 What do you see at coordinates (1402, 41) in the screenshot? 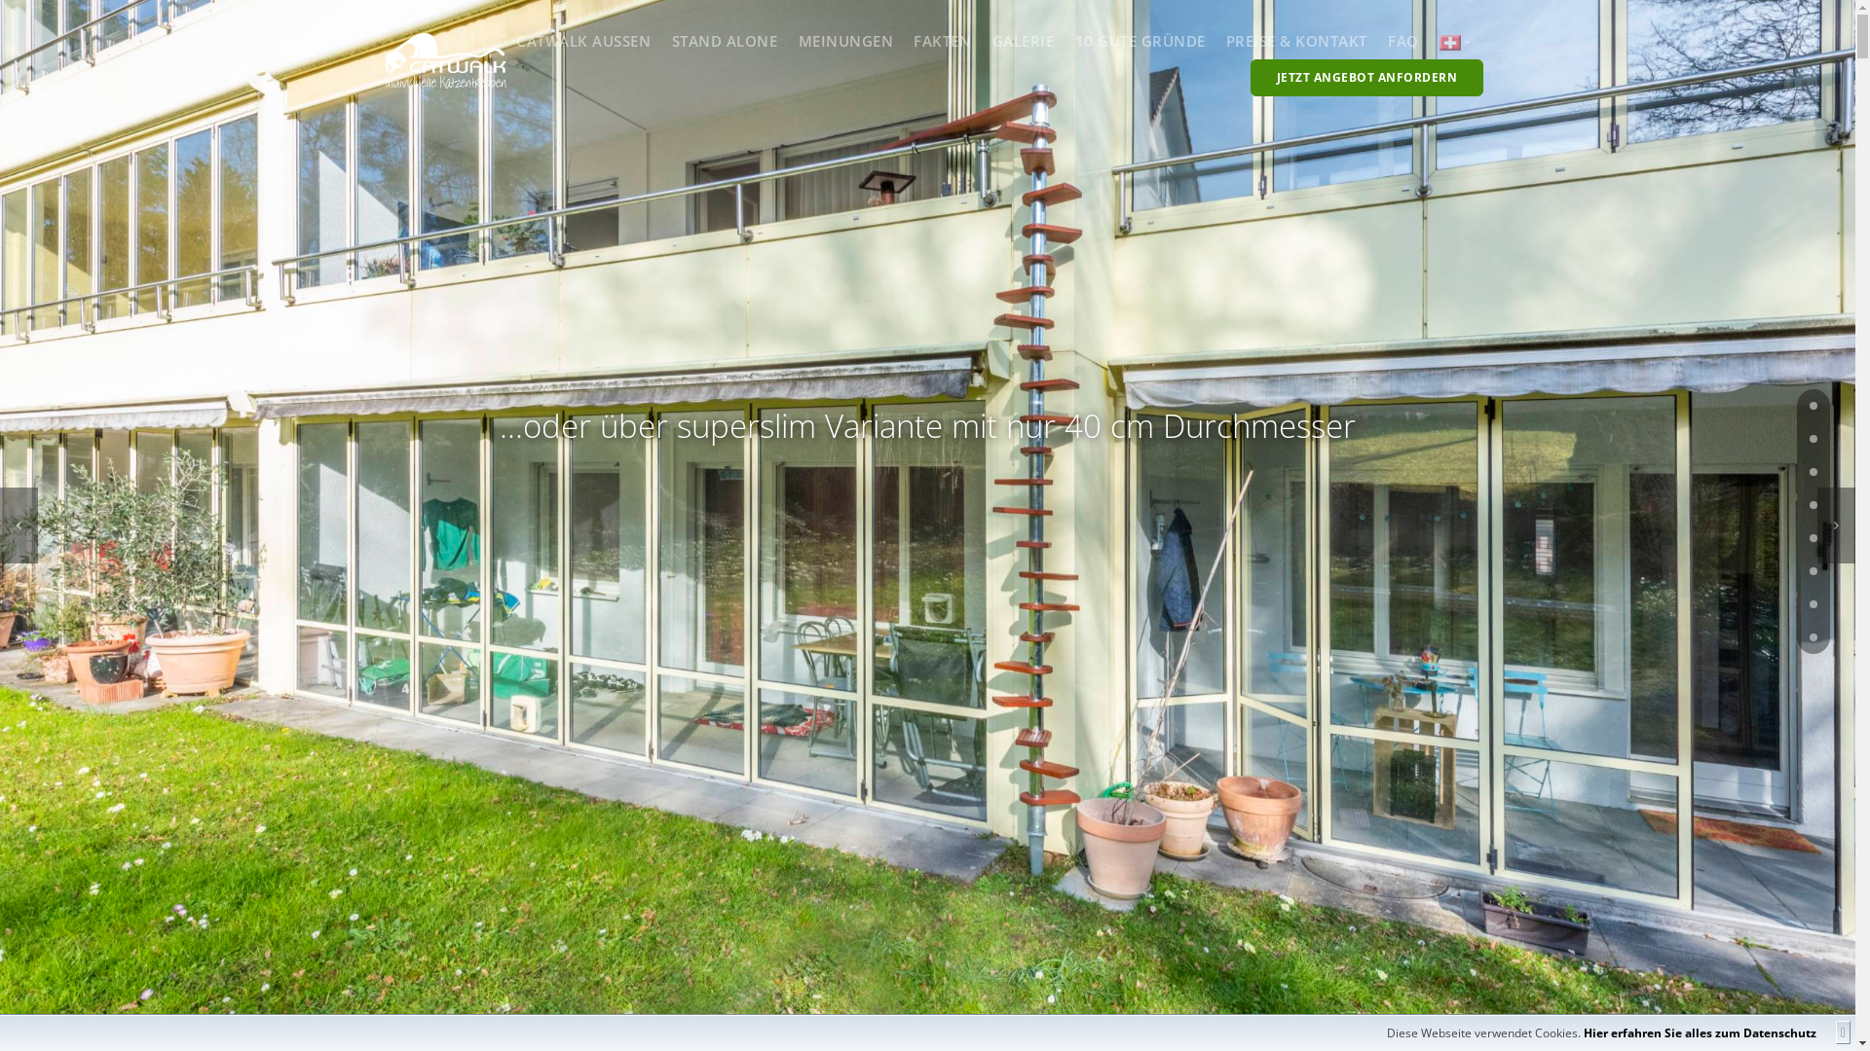
I see `'FAQ'` at bounding box center [1402, 41].